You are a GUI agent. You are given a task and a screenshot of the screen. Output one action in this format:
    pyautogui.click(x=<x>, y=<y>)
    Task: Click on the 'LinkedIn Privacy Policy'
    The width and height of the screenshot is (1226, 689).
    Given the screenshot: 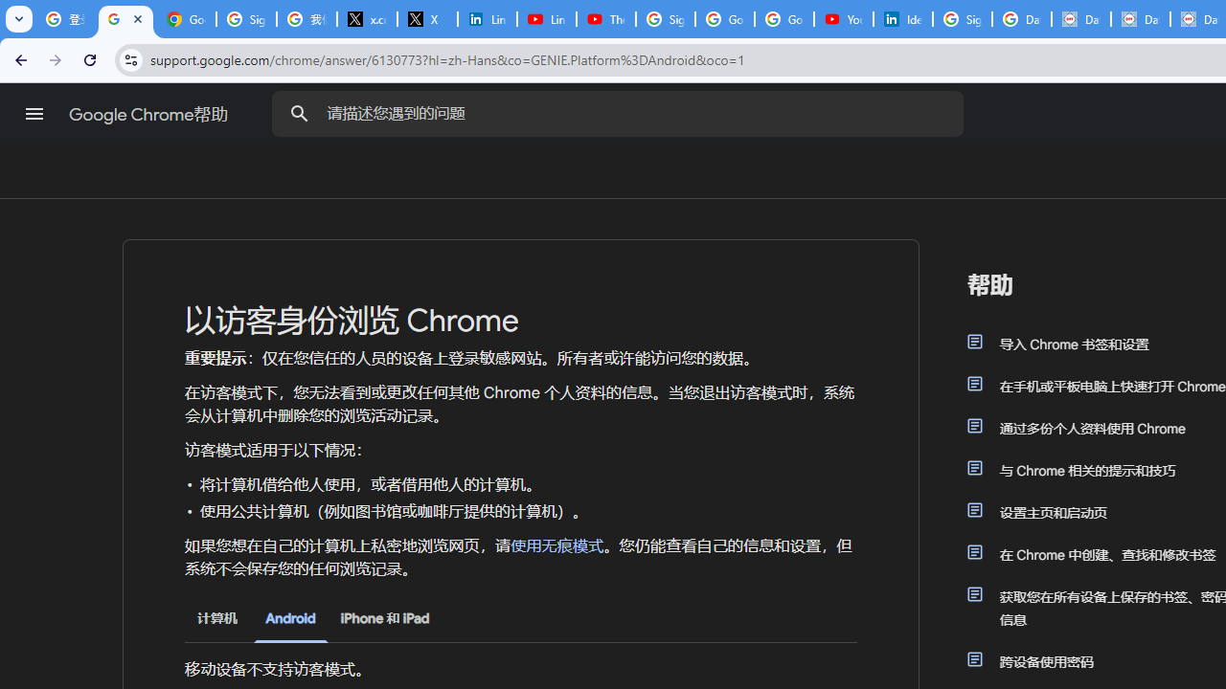 What is the action you would take?
    pyautogui.click(x=487, y=19)
    